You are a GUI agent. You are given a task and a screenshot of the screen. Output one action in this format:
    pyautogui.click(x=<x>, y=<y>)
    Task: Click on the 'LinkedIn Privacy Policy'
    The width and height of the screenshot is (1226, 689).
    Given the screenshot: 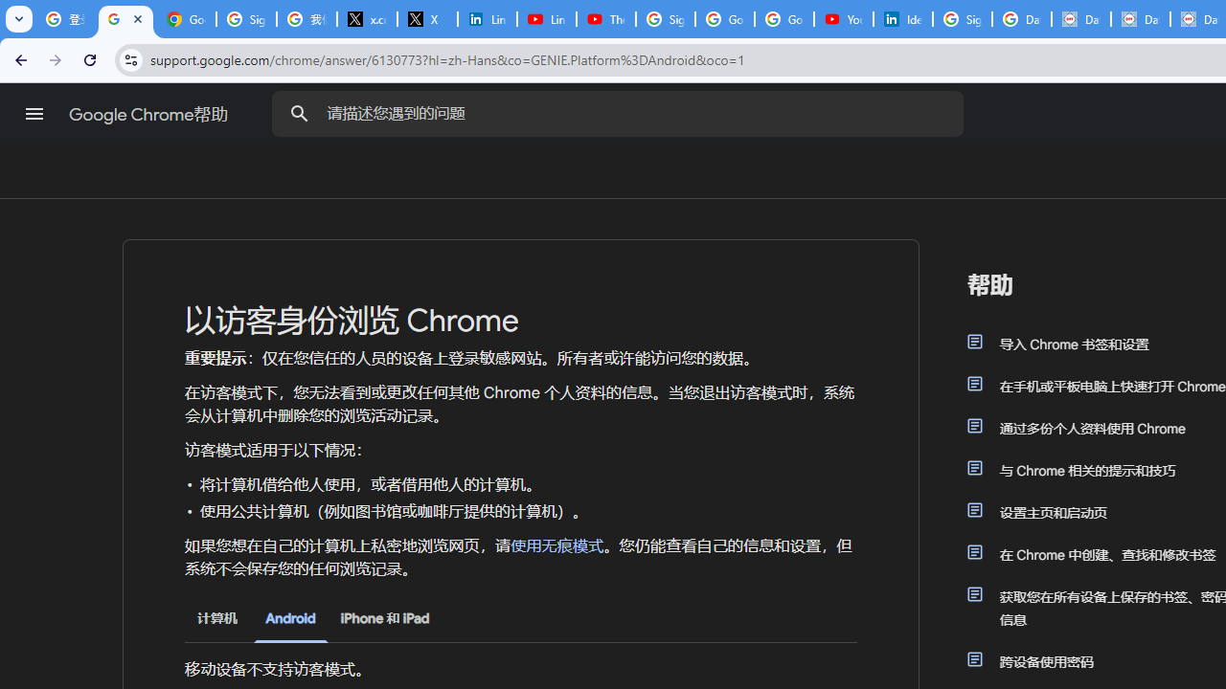 What is the action you would take?
    pyautogui.click(x=487, y=19)
    